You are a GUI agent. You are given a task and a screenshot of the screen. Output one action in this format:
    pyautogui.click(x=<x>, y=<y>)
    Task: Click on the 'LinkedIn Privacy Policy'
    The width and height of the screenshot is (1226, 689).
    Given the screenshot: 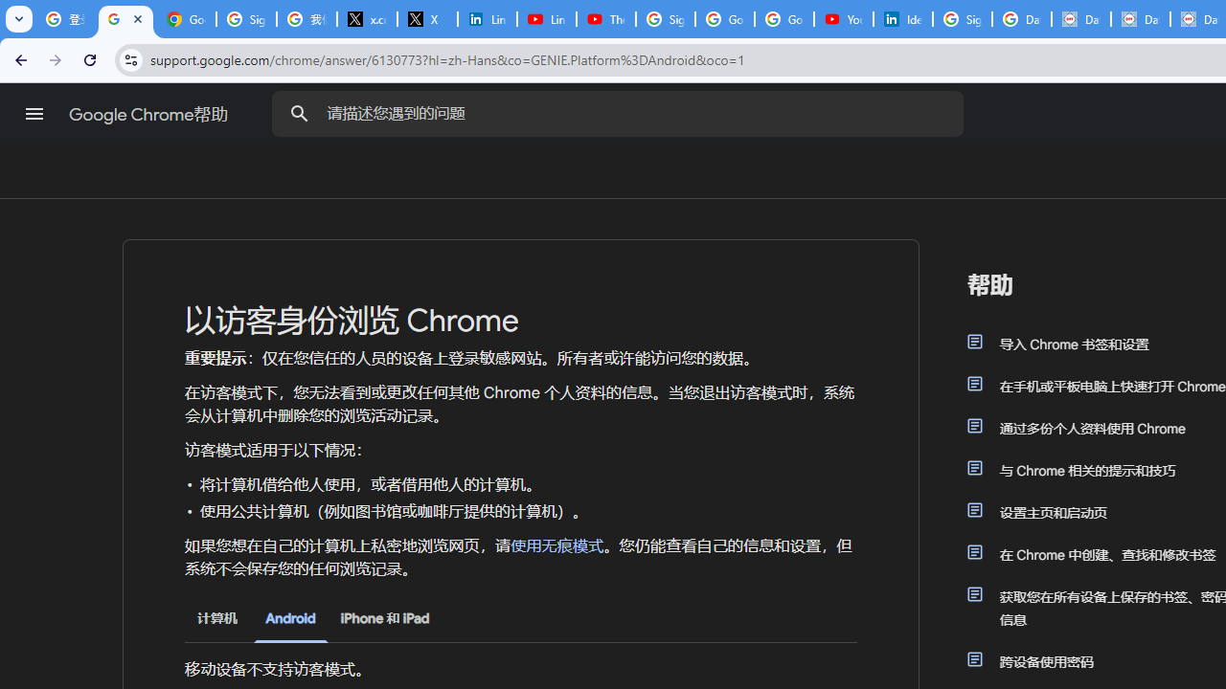 What is the action you would take?
    pyautogui.click(x=487, y=19)
    